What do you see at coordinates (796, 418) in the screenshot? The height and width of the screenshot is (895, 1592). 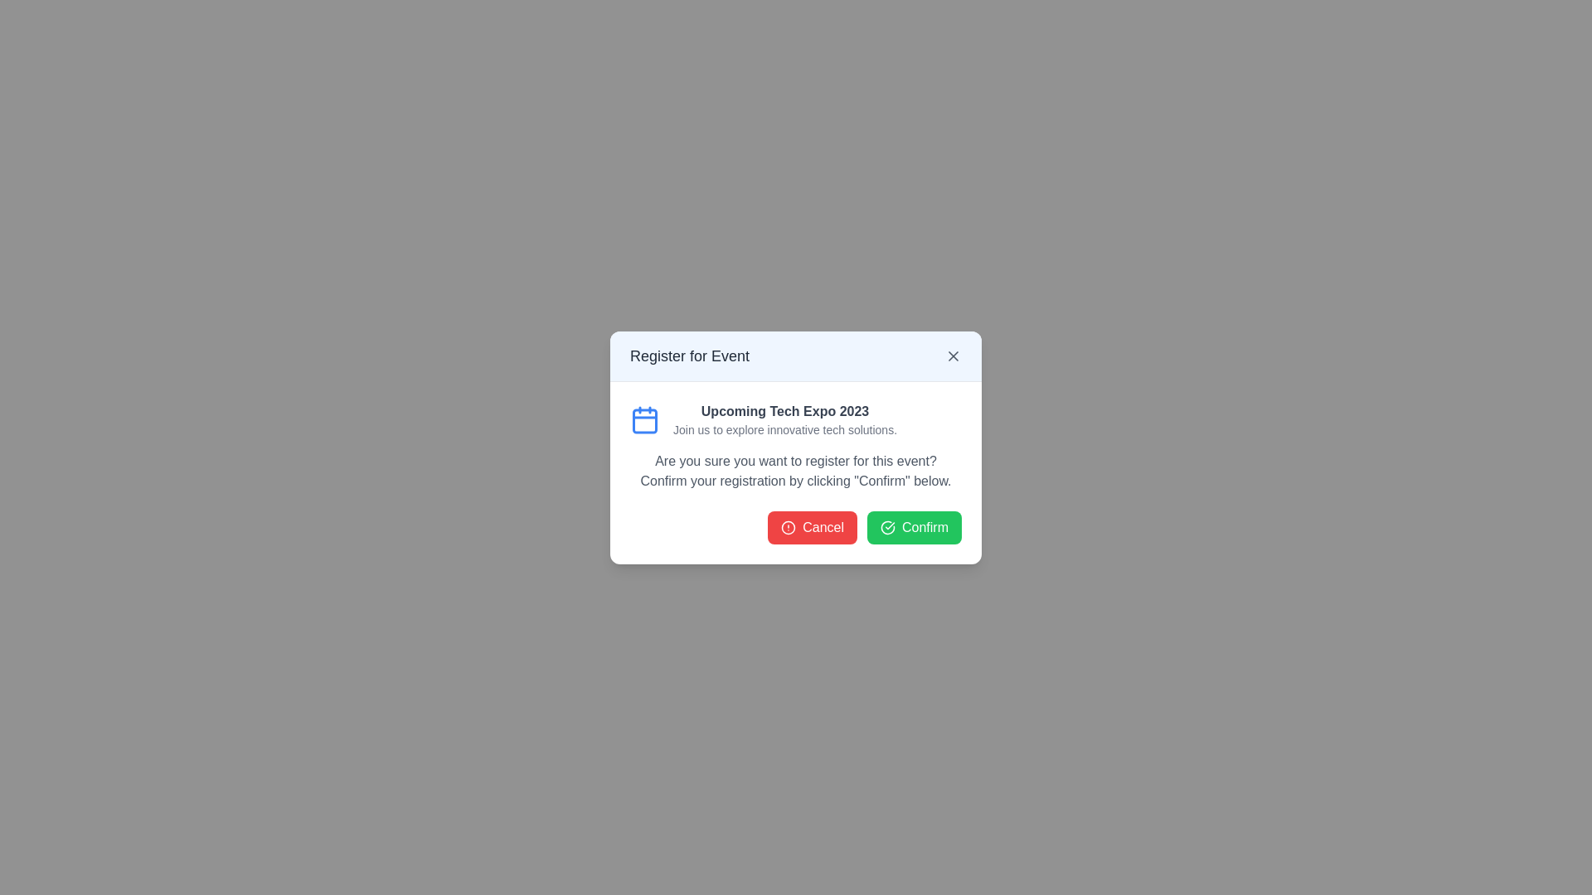 I see `the informational banner for the 'Upcoming Tech Expo 2023' located in the modal box below the title bar 'Register for Event'` at bounding box center [796, 418].